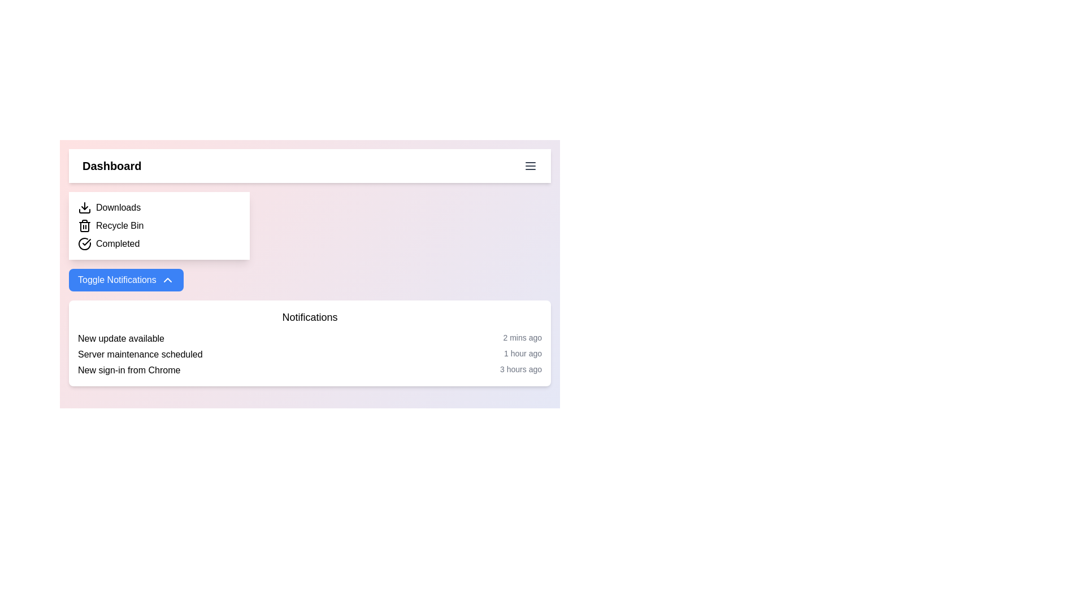  I want to click on the circular icon with a checkmark inside that represents a completed check action, located next to the 'Completed' text label in the 'Dashboard' menu dropdown, so click(84, 243).